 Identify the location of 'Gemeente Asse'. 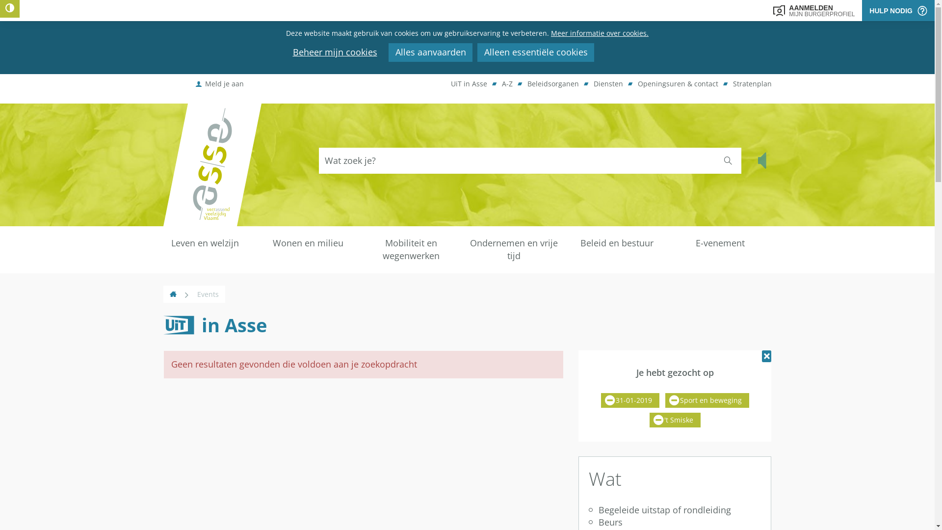
(211, 164).